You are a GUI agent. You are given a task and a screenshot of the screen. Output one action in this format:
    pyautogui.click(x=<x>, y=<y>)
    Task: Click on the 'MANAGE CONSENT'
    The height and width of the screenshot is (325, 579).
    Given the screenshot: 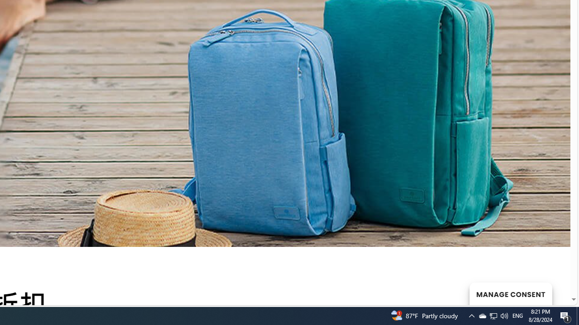 What is the action you would take?
    pyautogui.click(x=510, y=293)
    